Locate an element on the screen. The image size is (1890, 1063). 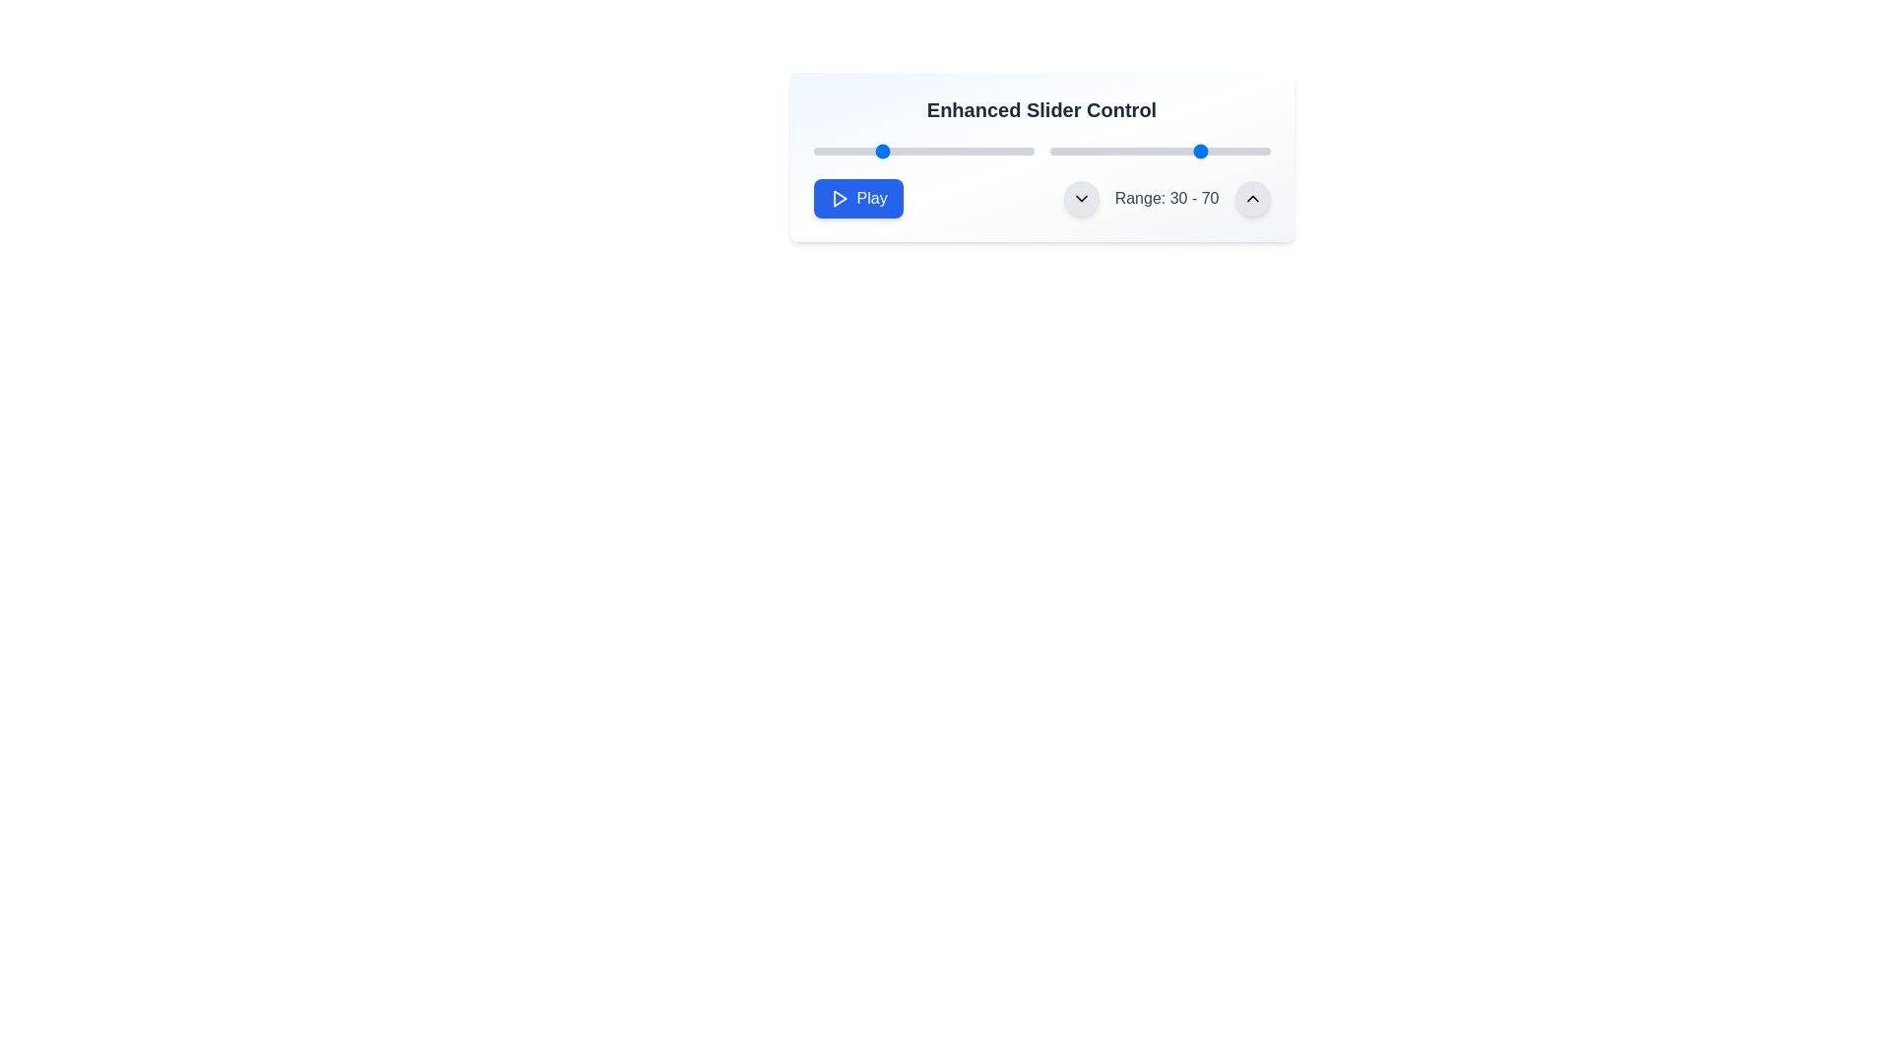
the slider value is located at coordinates (1230, 151).